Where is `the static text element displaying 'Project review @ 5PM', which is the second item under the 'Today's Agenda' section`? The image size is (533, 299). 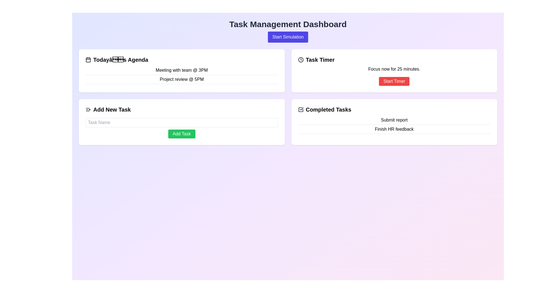
the static text element displaying 'Project review @ 5PM', which is the second item under the 'Today's Agenda' section is located at coordinates (182, 79).